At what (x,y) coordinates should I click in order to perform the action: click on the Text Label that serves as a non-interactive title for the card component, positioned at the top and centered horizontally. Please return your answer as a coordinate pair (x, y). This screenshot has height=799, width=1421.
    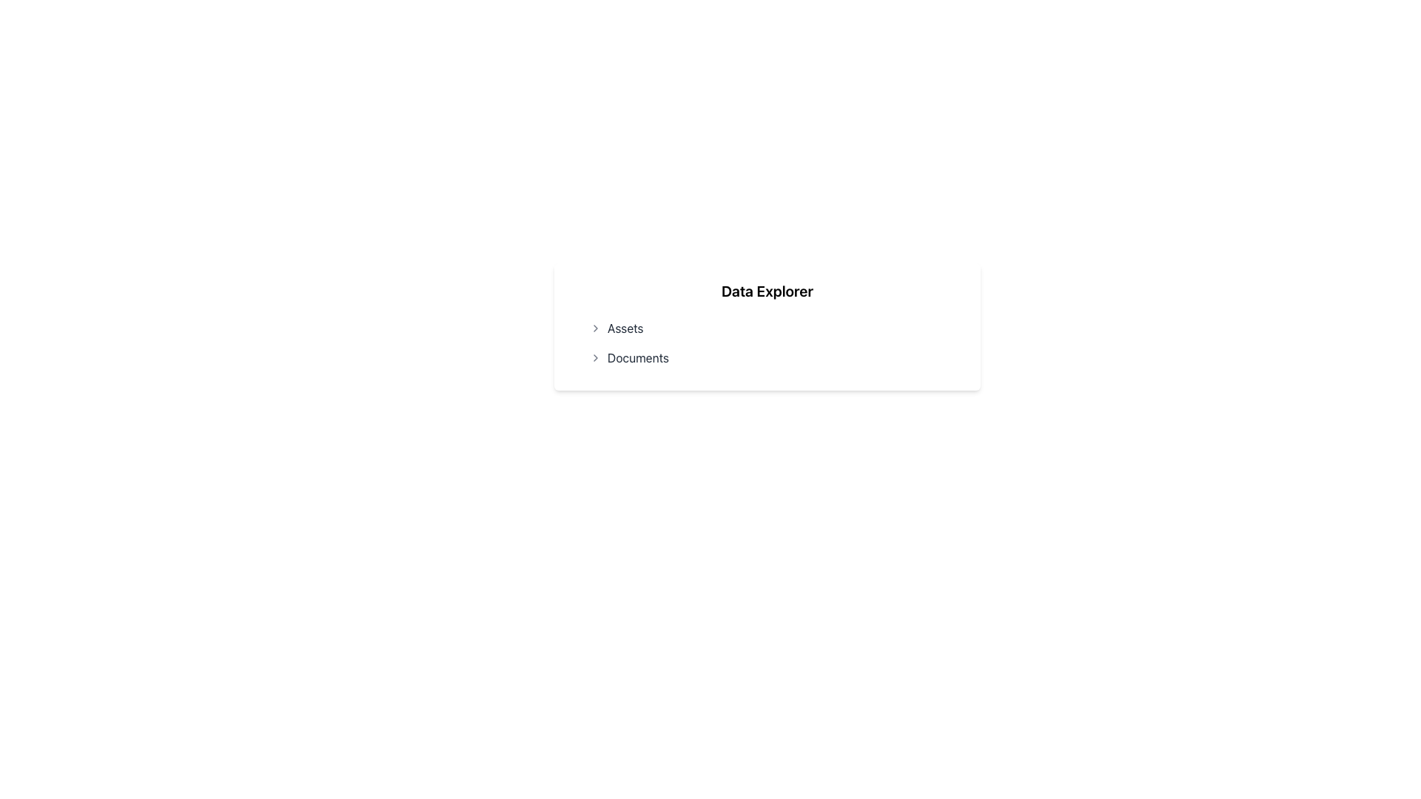
    Looking at the image, I should click on (767, 291).